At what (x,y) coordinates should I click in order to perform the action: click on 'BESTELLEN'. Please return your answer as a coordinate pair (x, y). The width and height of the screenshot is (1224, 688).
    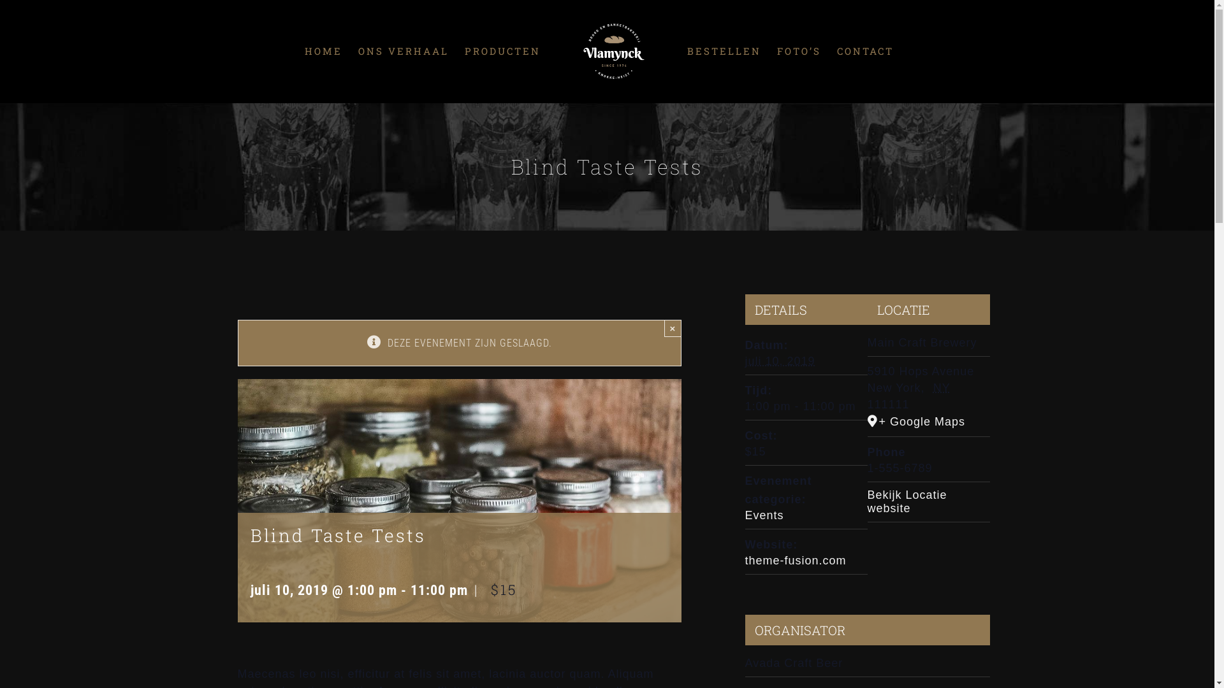
    Looking at the image, I should click on (687, 51).